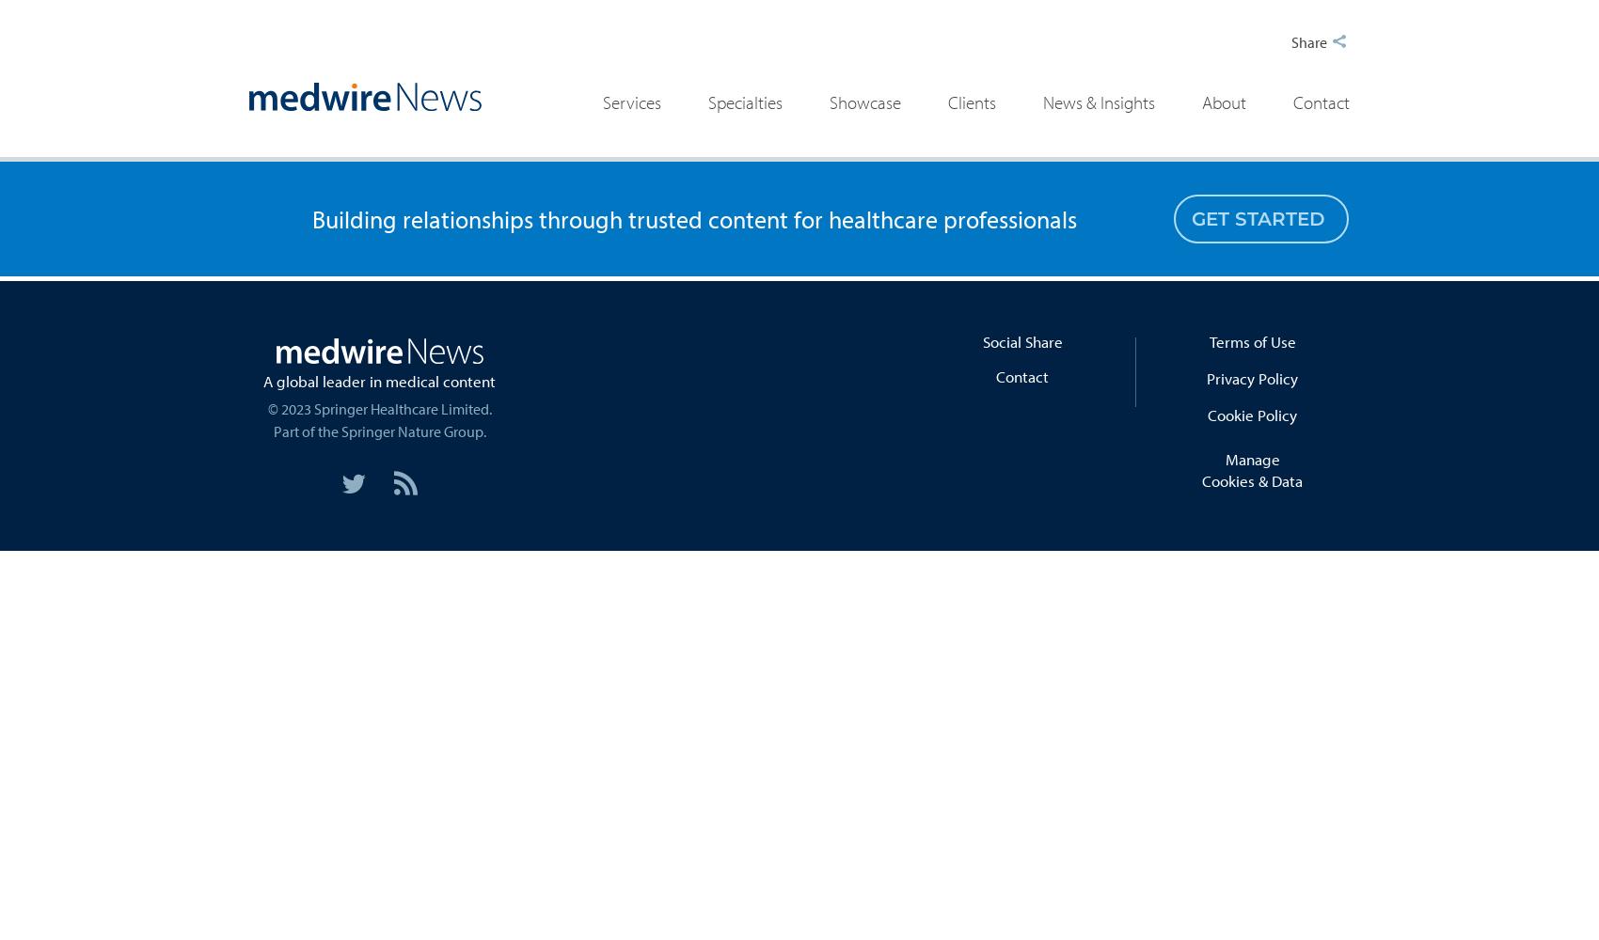 The image size is (1599, 940). What do you see at coordinates (1098, 102) in the screenshot?
I see `'News & Insights'` at bounding box center [1098, 102].